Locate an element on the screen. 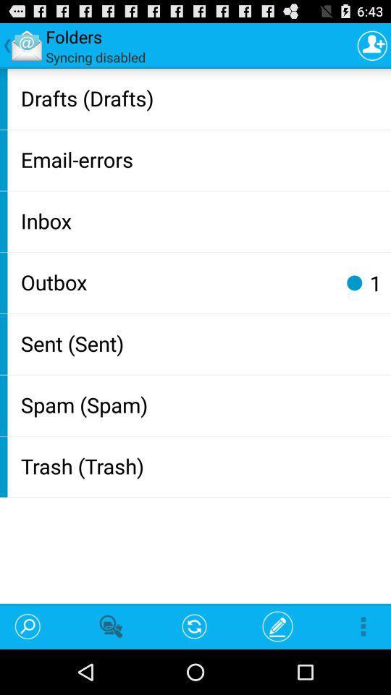  the app below the inbox icon is located at coordinates (177, 281).